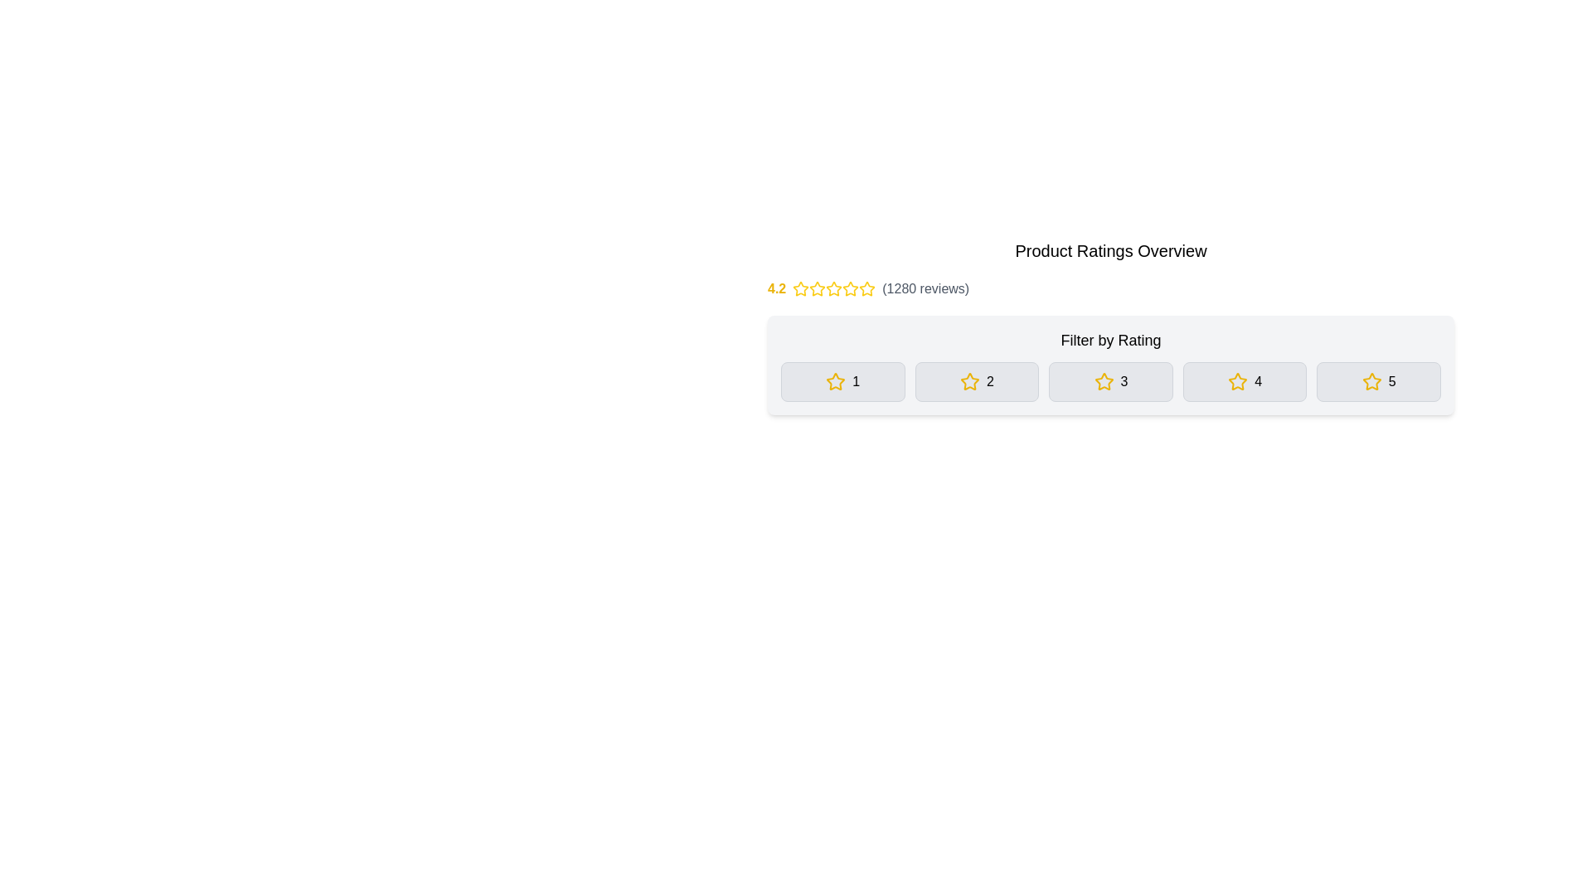 The width and height of the screenshot is (1592, 895). What do you see at coordinates (977, 382) in the screenshot?
I see `the '2-star' filter button` at bounding box center [977, 382].